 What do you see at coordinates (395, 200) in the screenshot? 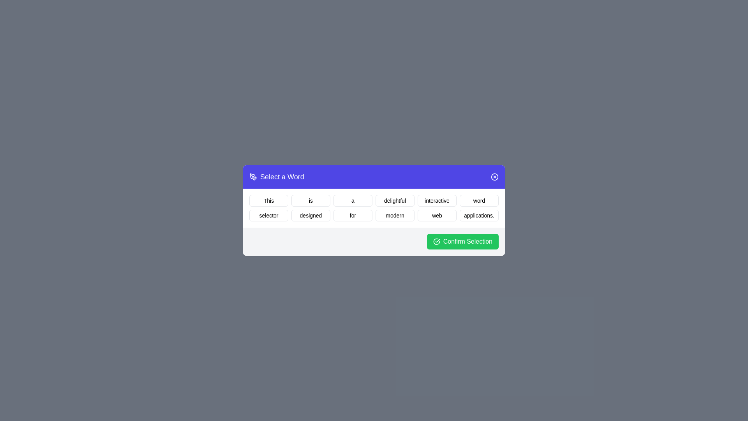
I see `the word delightful by clicking on it` at bounding box center [395, 200].